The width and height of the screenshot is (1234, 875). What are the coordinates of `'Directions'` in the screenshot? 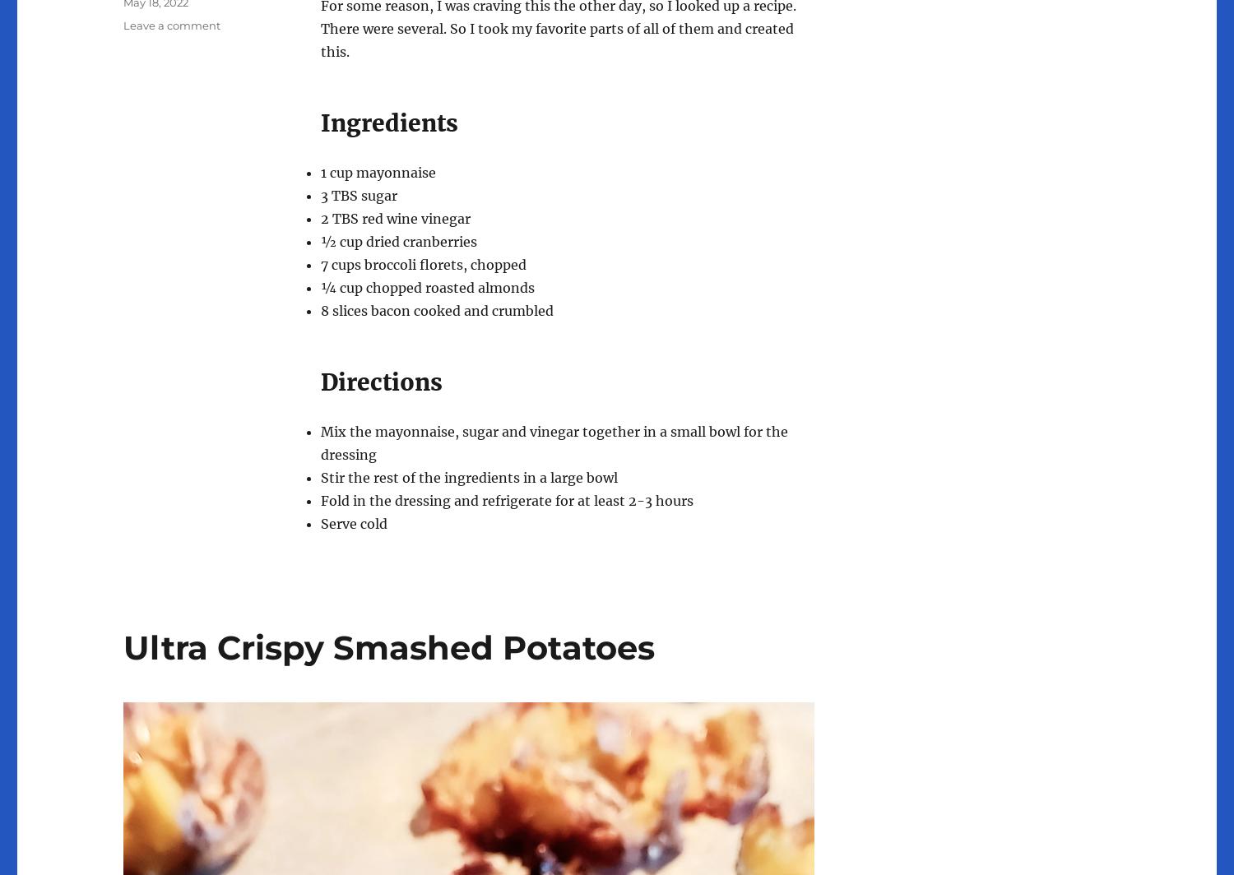 It's located at (380, 382).